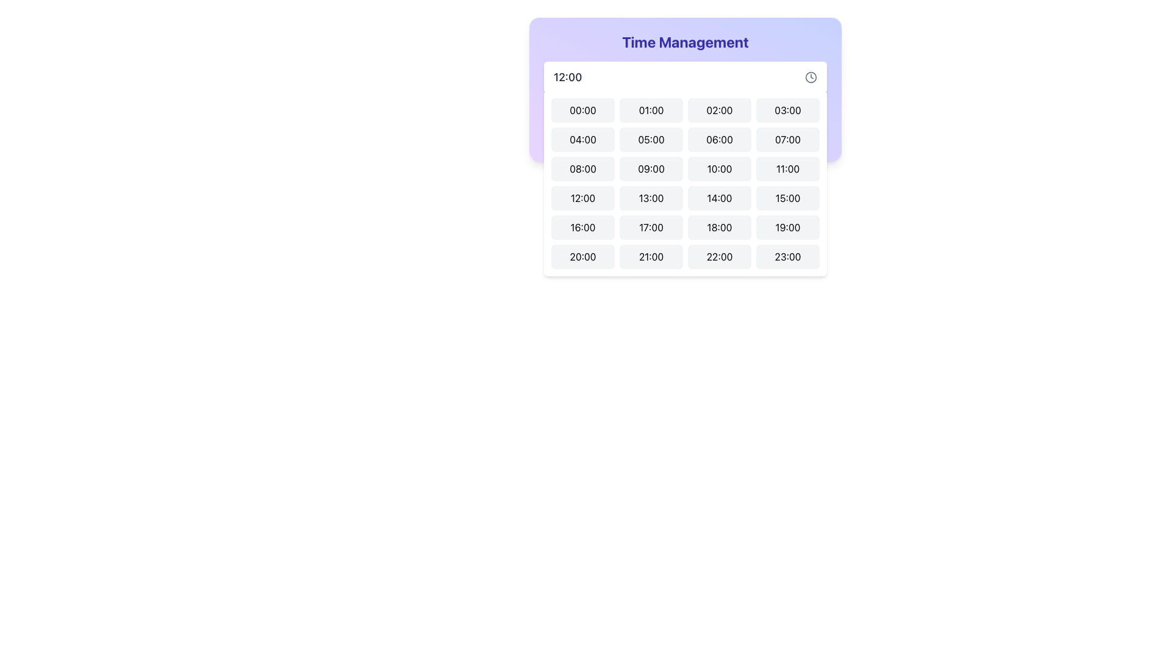 The width and height of the screenshot is (1171, 659). What do you see at coordinates (720, 139) in the screenshot?
I see `the '06:00' time option button located in the second row and third column of the 'Time Management' drop-down panel` at bounding box center [720, 139].